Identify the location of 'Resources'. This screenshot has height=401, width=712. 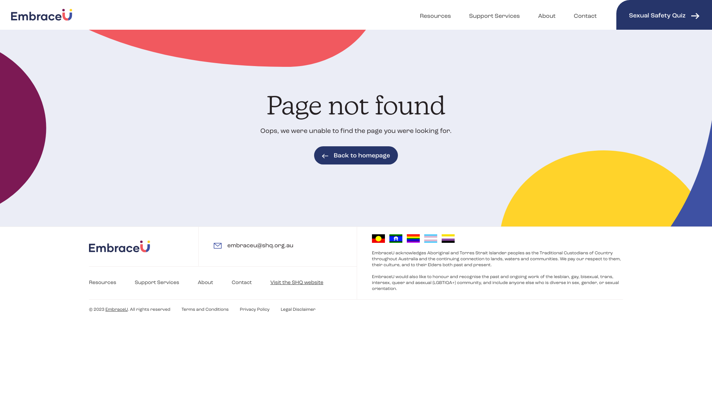
(435, 14).